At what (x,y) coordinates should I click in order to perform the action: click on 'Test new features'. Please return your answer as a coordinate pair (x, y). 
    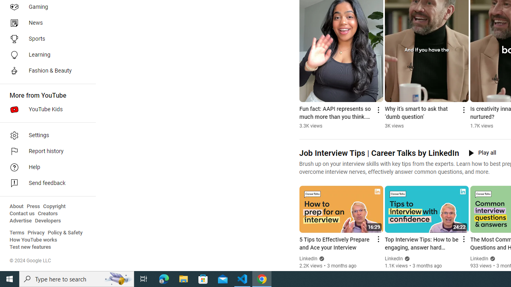
    Looking at the image, I should click on (30, 247).